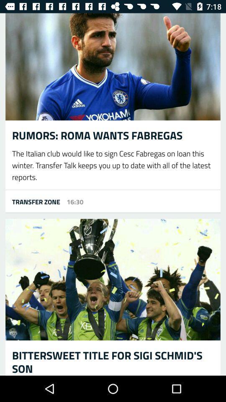  Describe the element at coordinates (32, 201) in the screenshot. I see `the icon to the left of 16:30` at that location.